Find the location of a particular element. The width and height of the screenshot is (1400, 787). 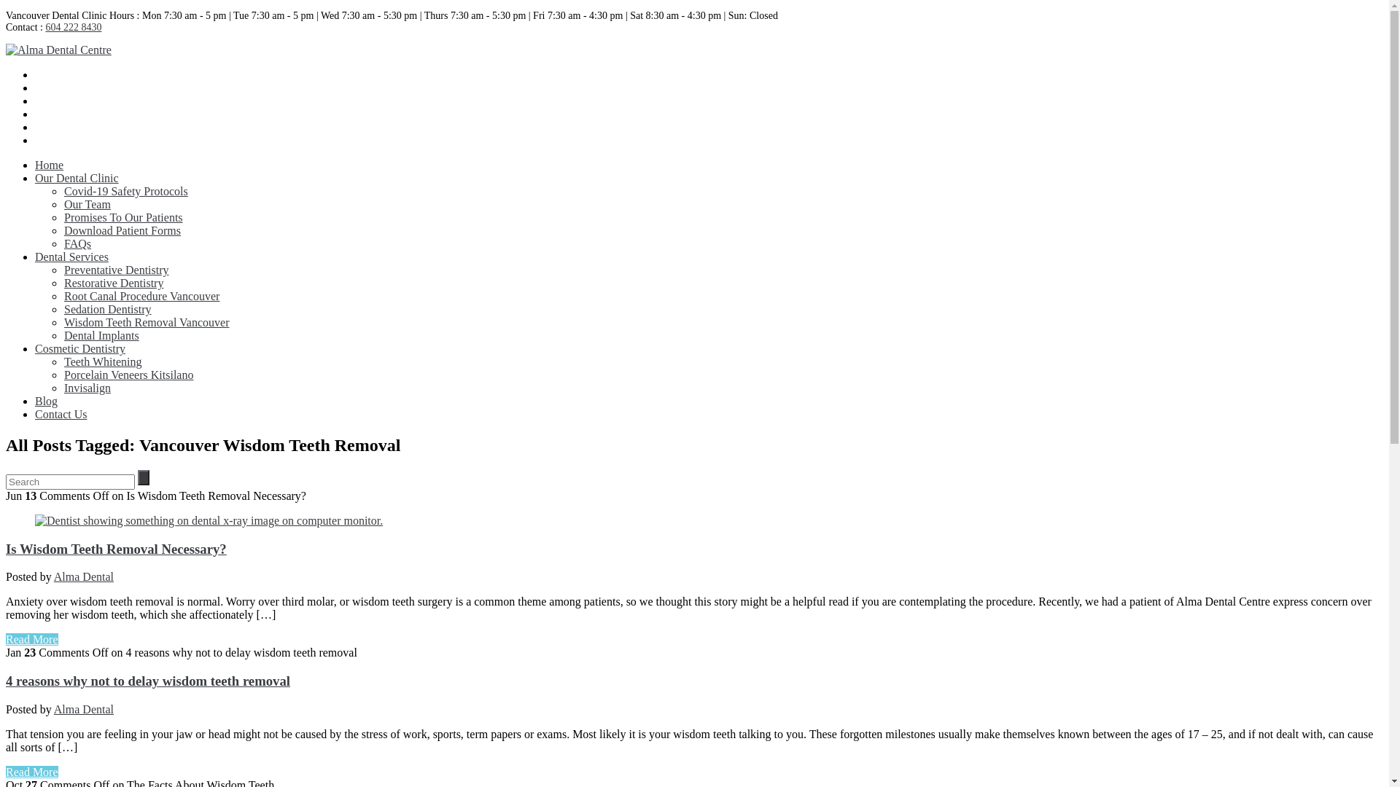

'604 222 8430' is located at coordinates (45, 27).